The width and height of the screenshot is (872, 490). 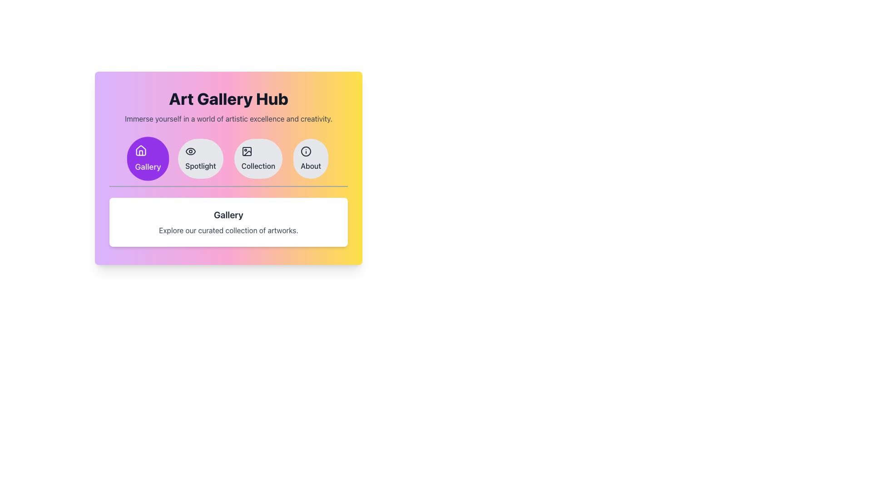 I want to click on the small vector icon resembling a house located at the center of the purple circular button labeled 'Gallery', so click(x=140, y=150).